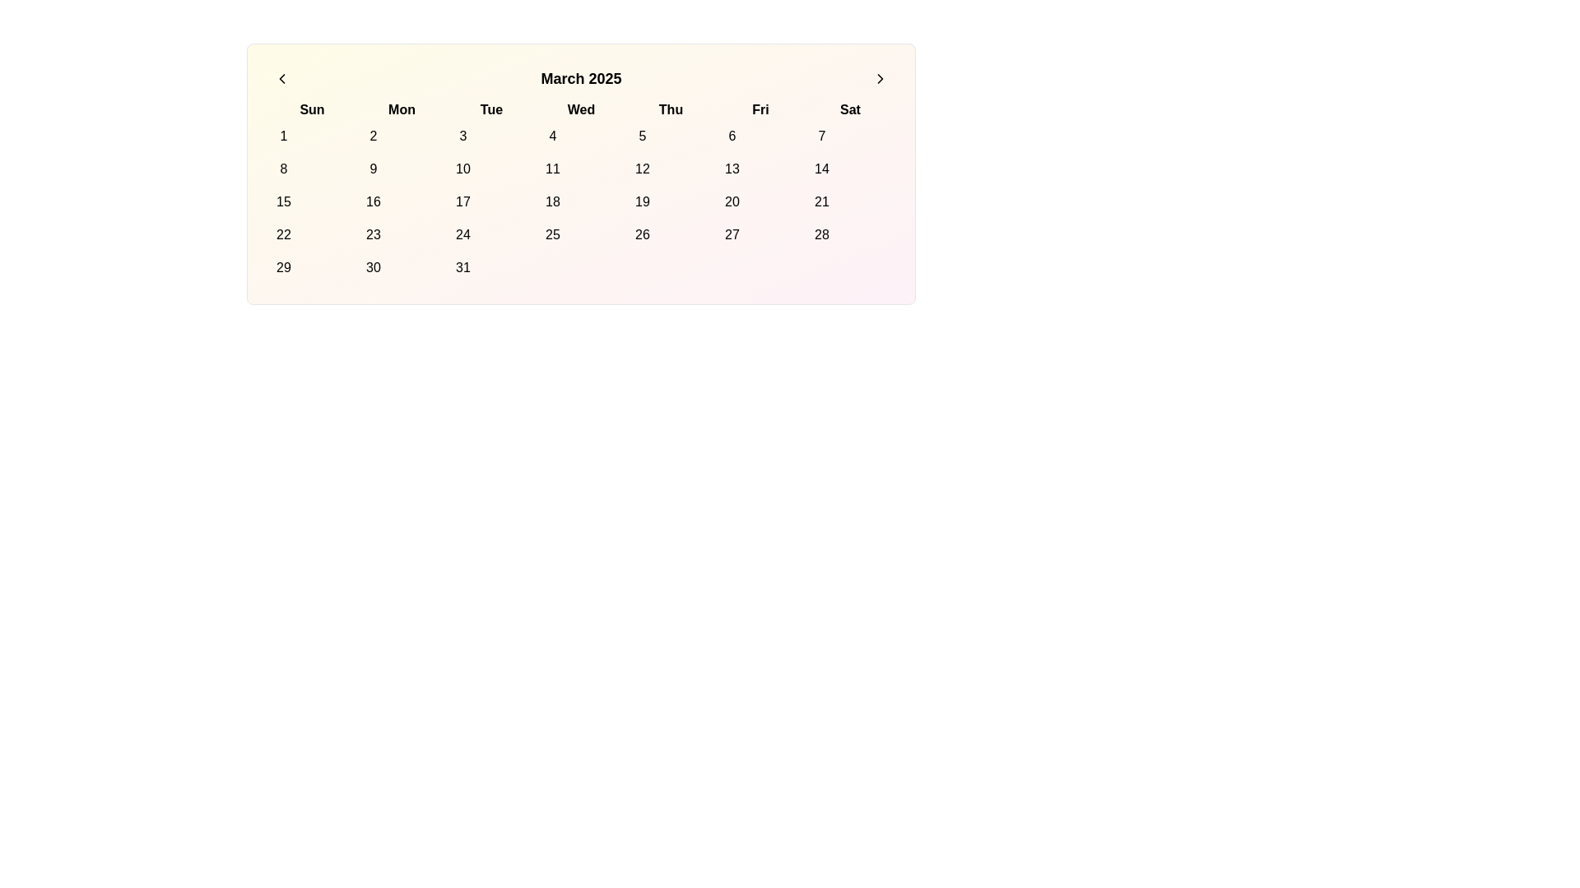  Describe the element at coordinates (671, 110) in the screenshot. I see `the content of the Text label representing 'Thu', which is the fifth abbreviation in the sequence of weekday labels in the calendar layout, positioned between 'Wed' and 'Fri'` at that location.